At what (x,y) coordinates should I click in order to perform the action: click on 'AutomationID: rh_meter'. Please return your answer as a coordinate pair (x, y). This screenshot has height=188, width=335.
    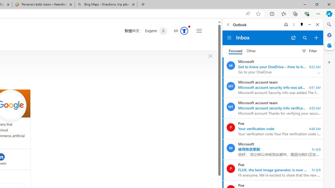
    Looking at the image, I should click on (184, 31).